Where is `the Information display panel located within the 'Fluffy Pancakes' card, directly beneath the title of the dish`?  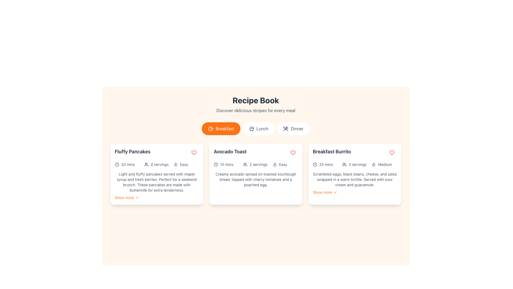
the Information display panel located within the 'Fluffy Pancakes' card, directly beneath the title of the dish is located at coordinates (156, 164).